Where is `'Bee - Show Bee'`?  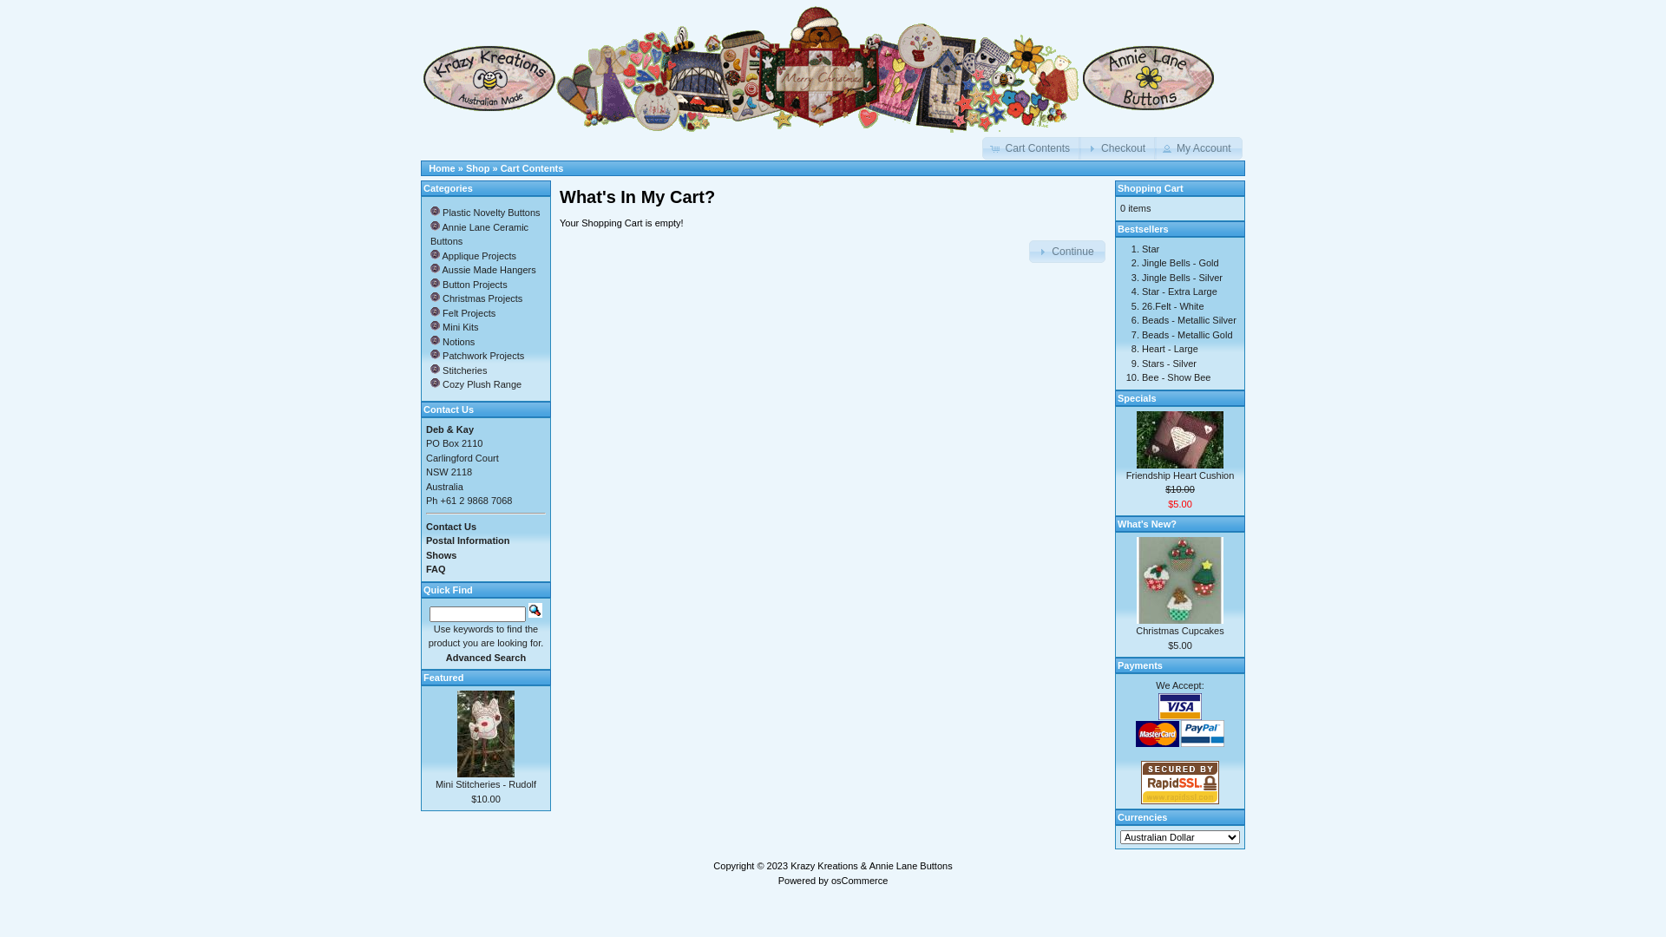 'Bee - Show Bee' is located at coordinates (1177, 377).